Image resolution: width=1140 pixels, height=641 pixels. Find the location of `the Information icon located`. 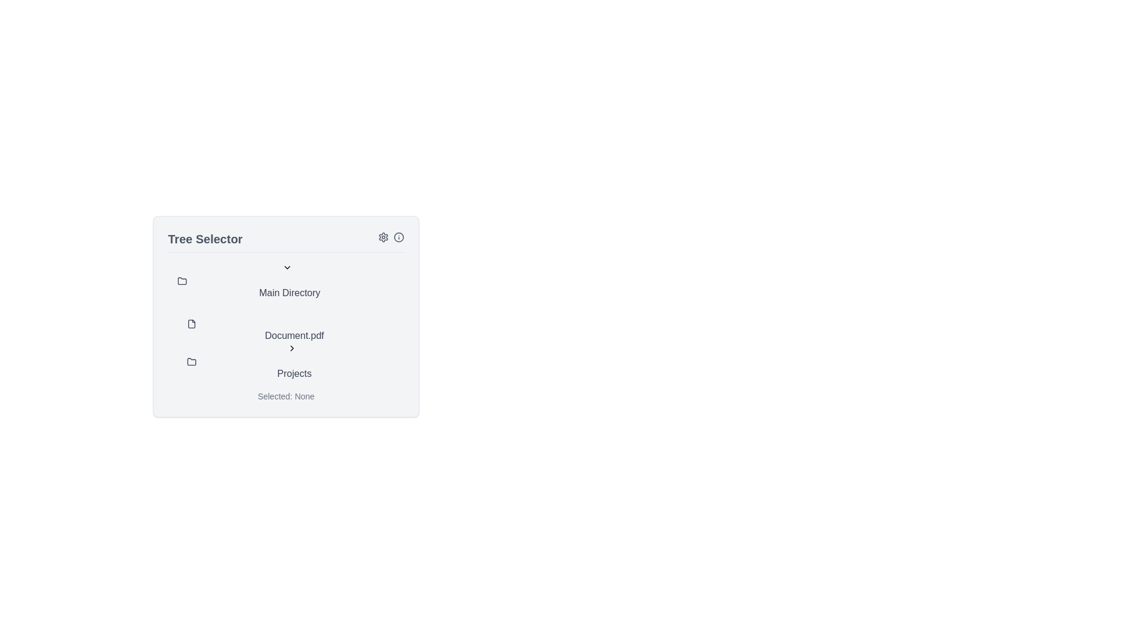

the Information icon located is located at coordinates (391, 239).